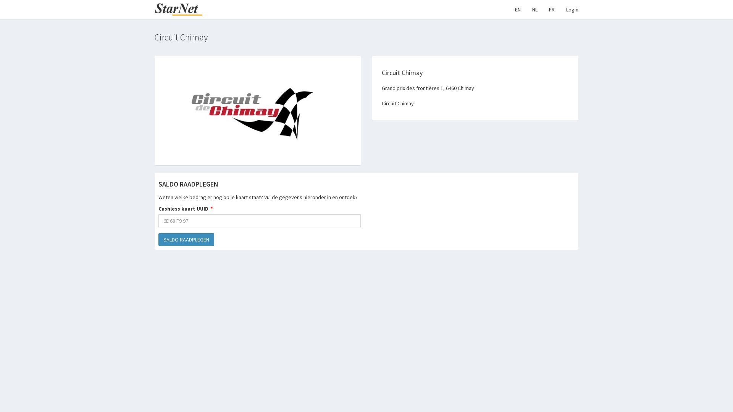  I want to click on 'Login', so click(572, 9).